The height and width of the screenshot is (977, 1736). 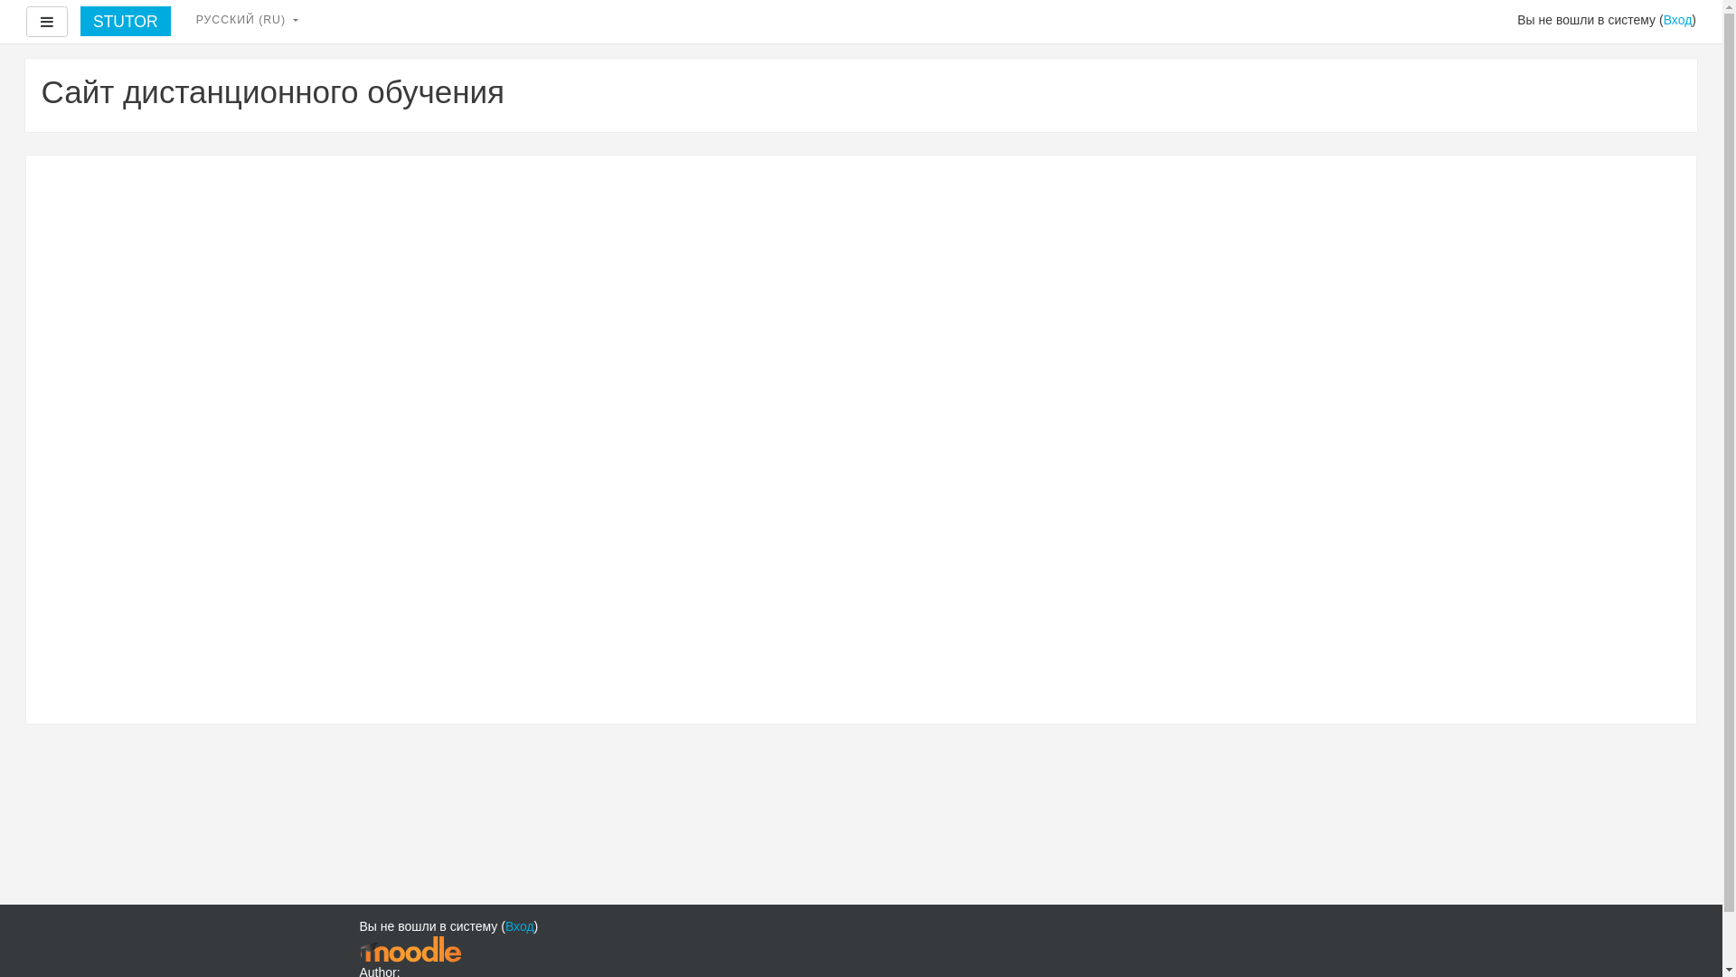 I want to click on 'STUTOR', so click(x=125, y=21).